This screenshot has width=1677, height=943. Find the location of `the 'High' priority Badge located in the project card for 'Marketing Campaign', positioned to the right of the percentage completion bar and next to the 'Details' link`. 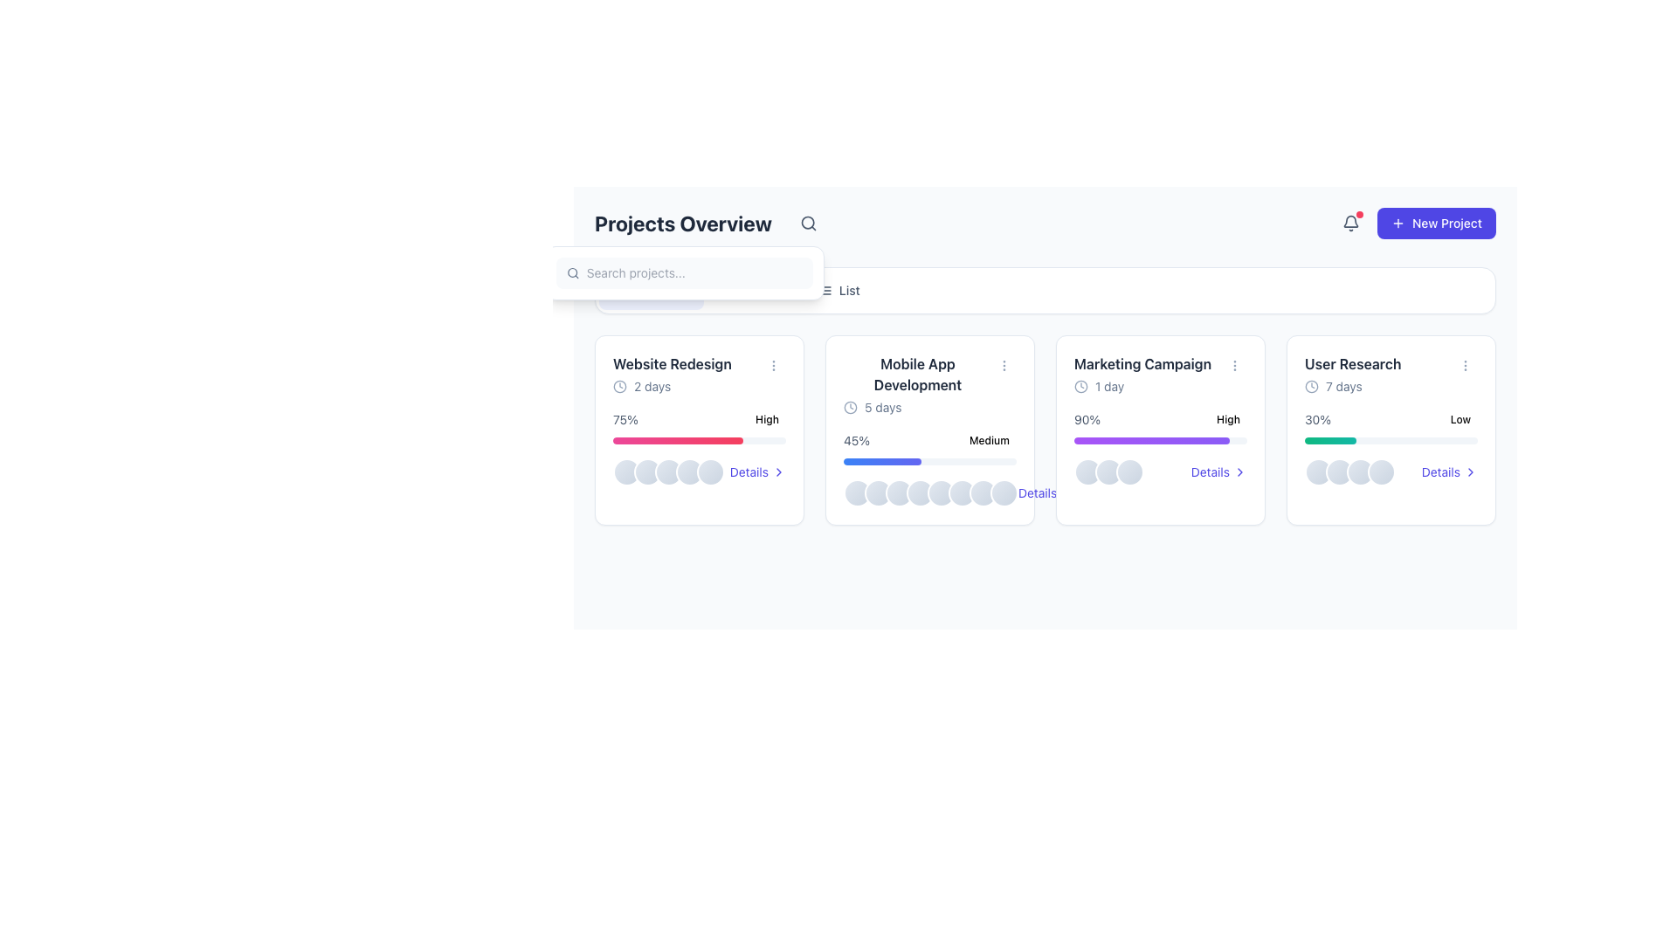

the 'High' priority Badge located in the project card for 'Marketing Campaign', positioned to the right of the percentage completion bar and next to the 'Details' link is located at coordinates (1227, 420).